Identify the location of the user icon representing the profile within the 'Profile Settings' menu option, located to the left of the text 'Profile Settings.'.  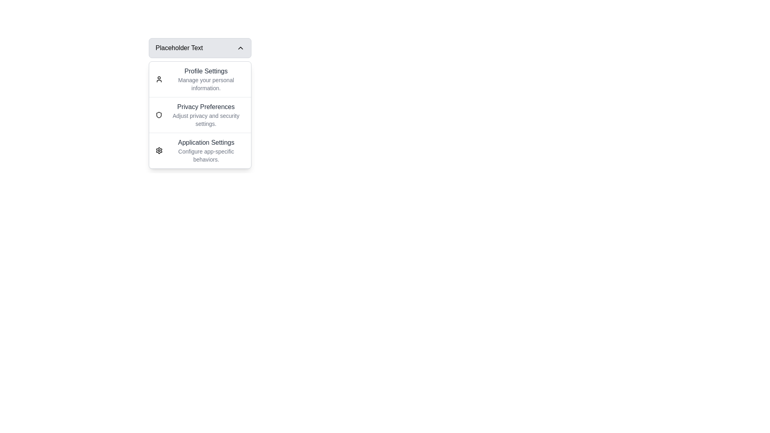
(159, 79).